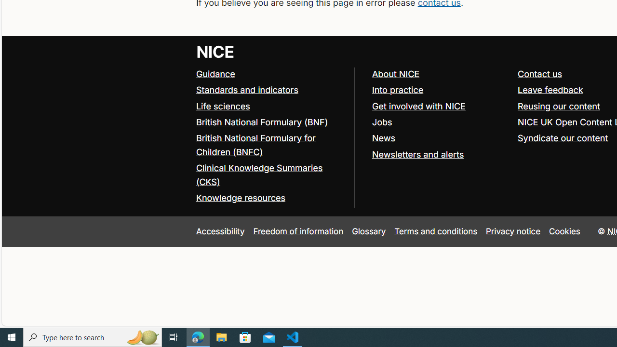 This screenshot has height=347, width=617. Describe the element at coordinates (240, 198) in the screenshot. I see `'Knowledge resources'` at that location.